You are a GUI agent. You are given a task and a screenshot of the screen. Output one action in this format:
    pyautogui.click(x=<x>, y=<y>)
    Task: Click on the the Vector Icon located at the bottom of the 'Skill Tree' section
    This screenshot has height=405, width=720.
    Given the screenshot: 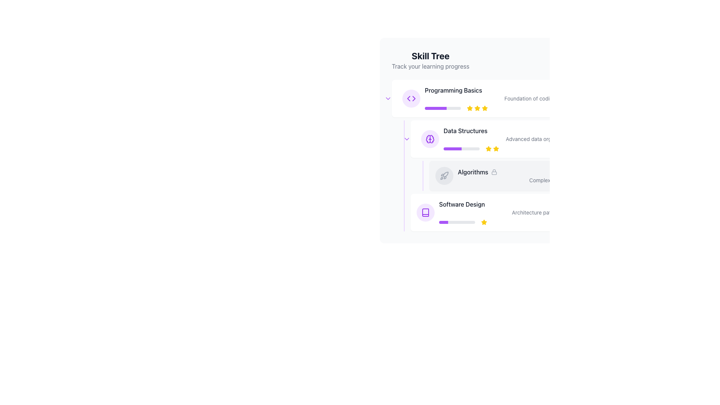 What is the action you would take?
    pyautogui.click(x=425, y=213)
    